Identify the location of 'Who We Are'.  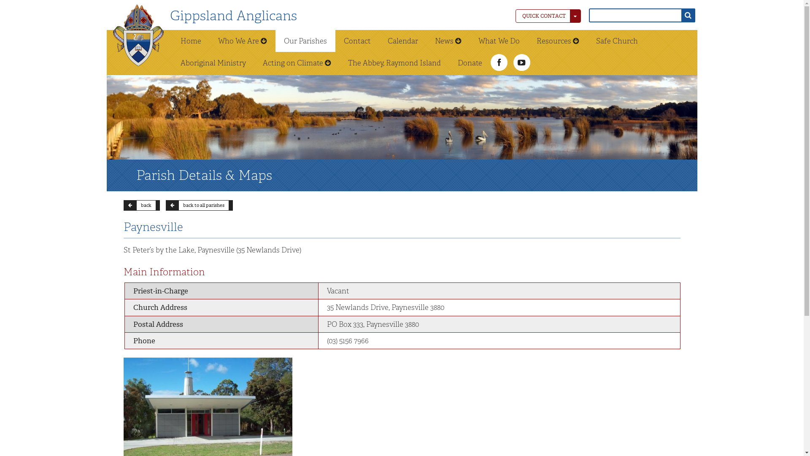
(242, 41).